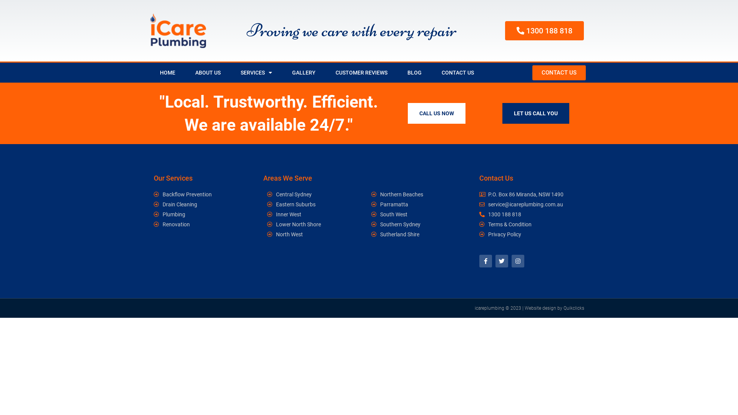 Image resolution: width=738 pixels, height=415 pixels. Describe the element at coordinates (315, 204) in the screenshot. I see `'Eastern Suburbs'` at that location.